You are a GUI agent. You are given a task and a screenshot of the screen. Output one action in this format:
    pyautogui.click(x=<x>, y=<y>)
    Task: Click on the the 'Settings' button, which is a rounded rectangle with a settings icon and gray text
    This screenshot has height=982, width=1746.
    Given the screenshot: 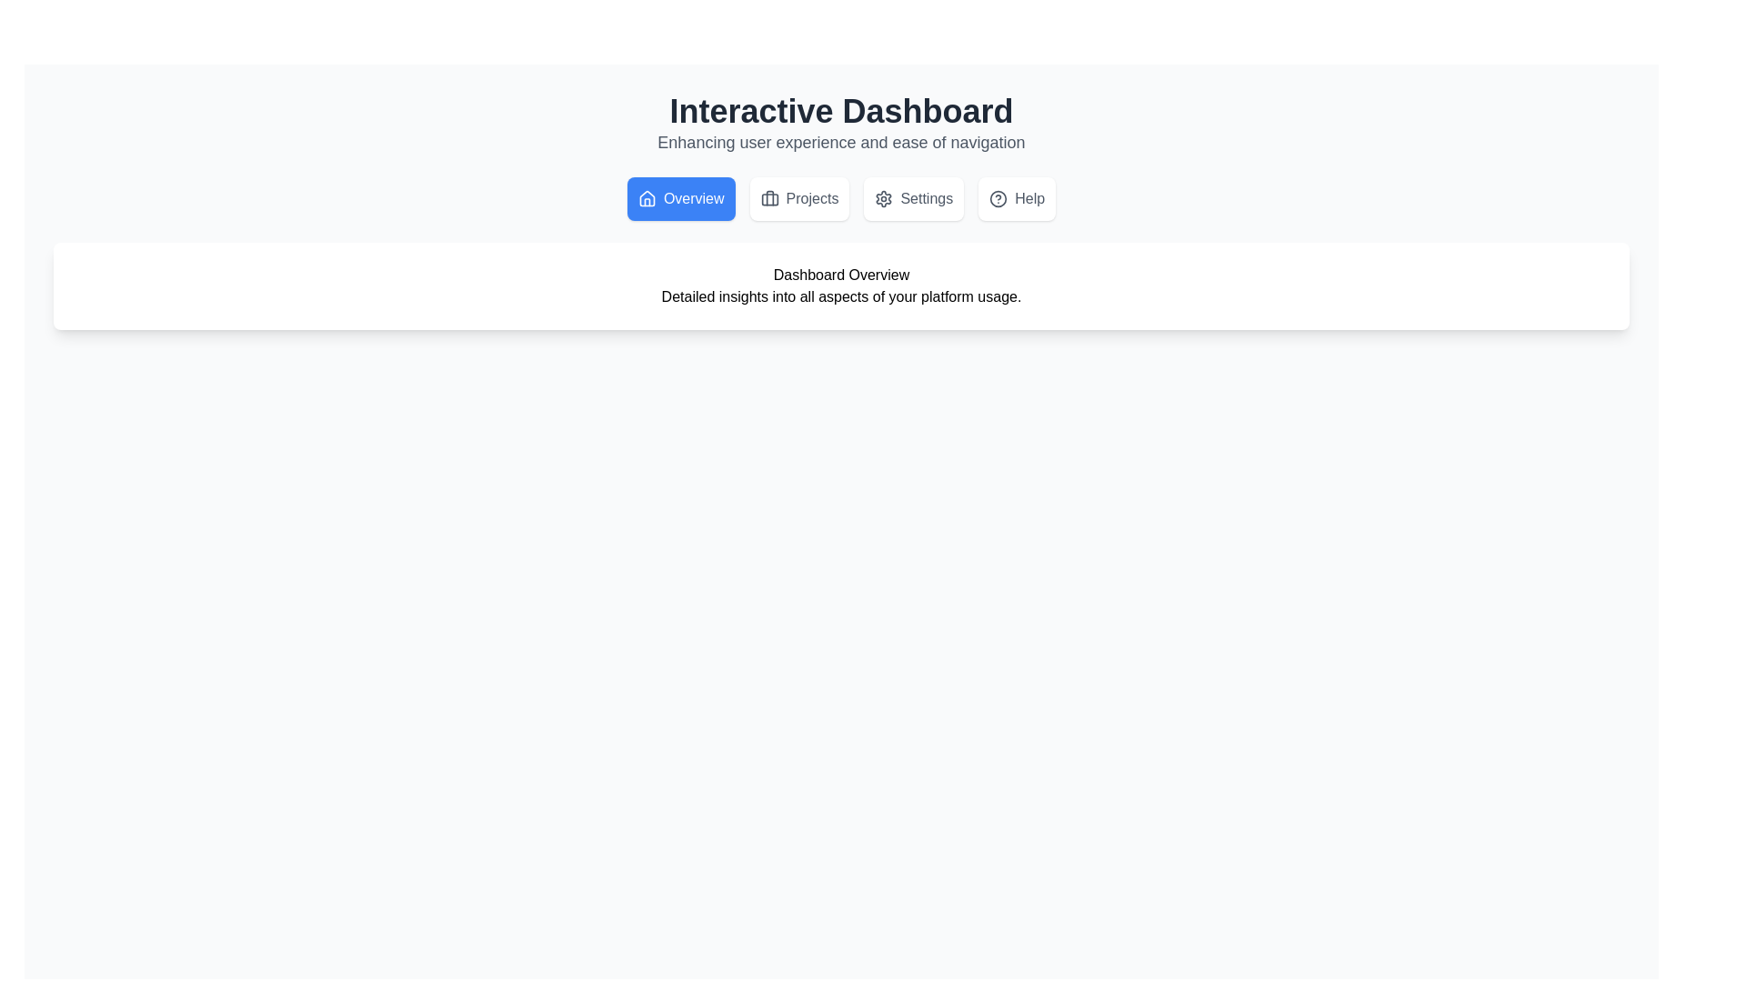 What is the action you would take?
    pyautogui.click(x=913, y=199)
    